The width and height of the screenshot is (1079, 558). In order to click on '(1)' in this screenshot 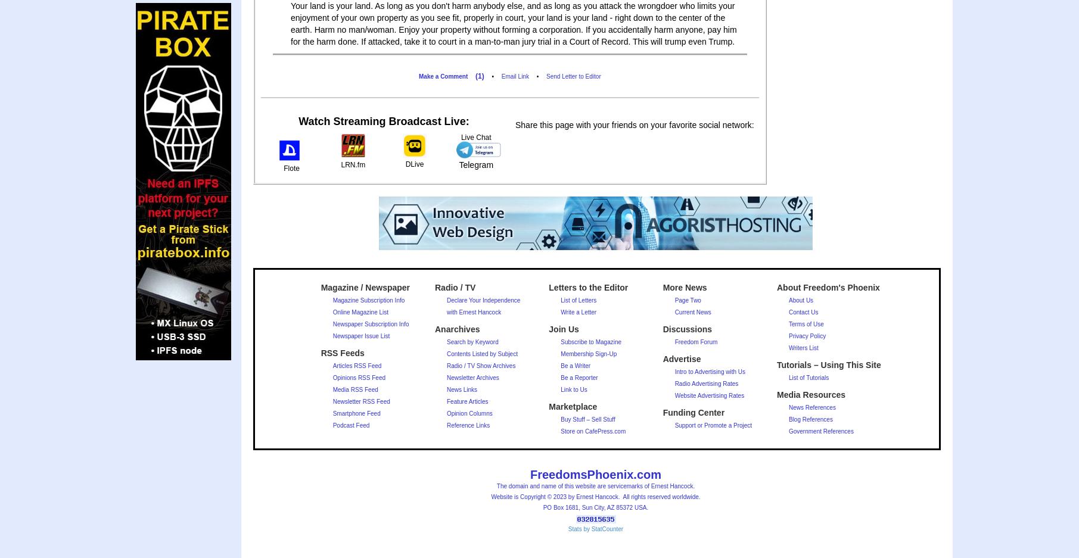, I will do `click(478, 76)`.